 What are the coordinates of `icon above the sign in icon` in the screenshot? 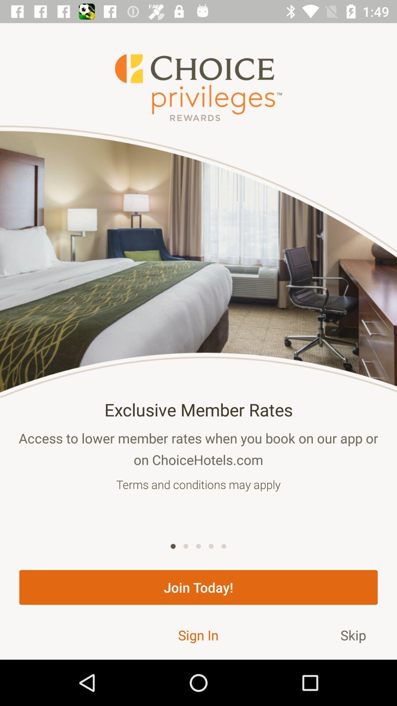 It's located at (198, 587).